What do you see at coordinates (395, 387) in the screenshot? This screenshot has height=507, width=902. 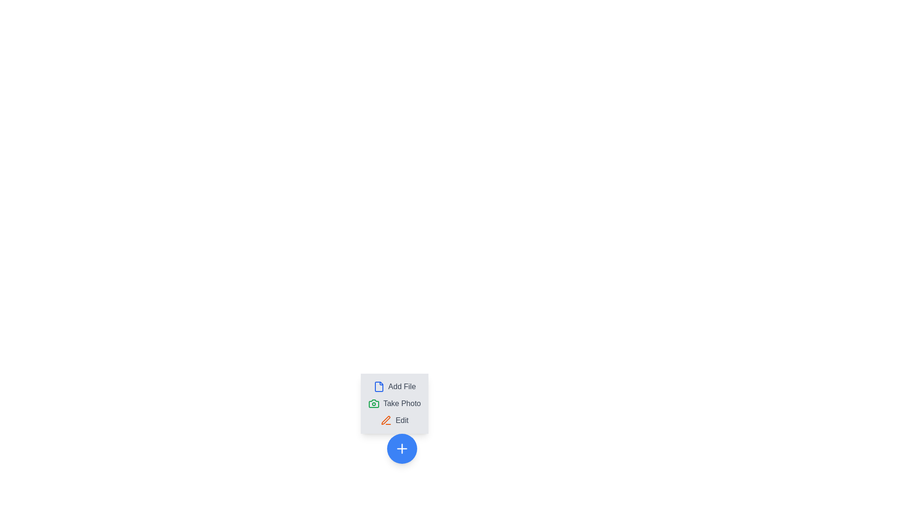 I see `the button with an icon and label that initiates the action of adding a file, located in the floating control panel near the bottom-right corner of the interface` at bounding box center [395, 387].